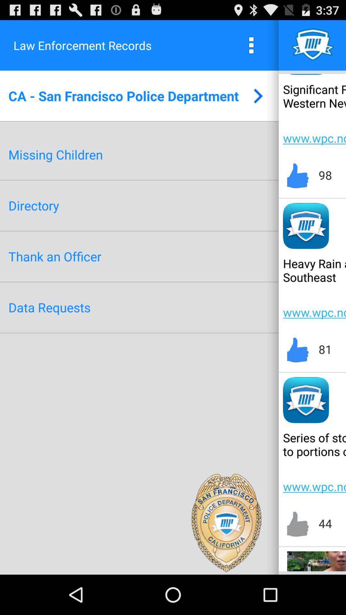 The width and height of the screenshot is (346, 615). Describe the element at coordinates (55, 154) in the screenshot. I see `the missing children` at that location.